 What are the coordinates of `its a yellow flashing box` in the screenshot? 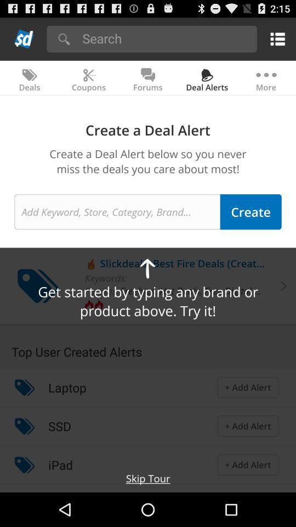 It's located at (275, 38).